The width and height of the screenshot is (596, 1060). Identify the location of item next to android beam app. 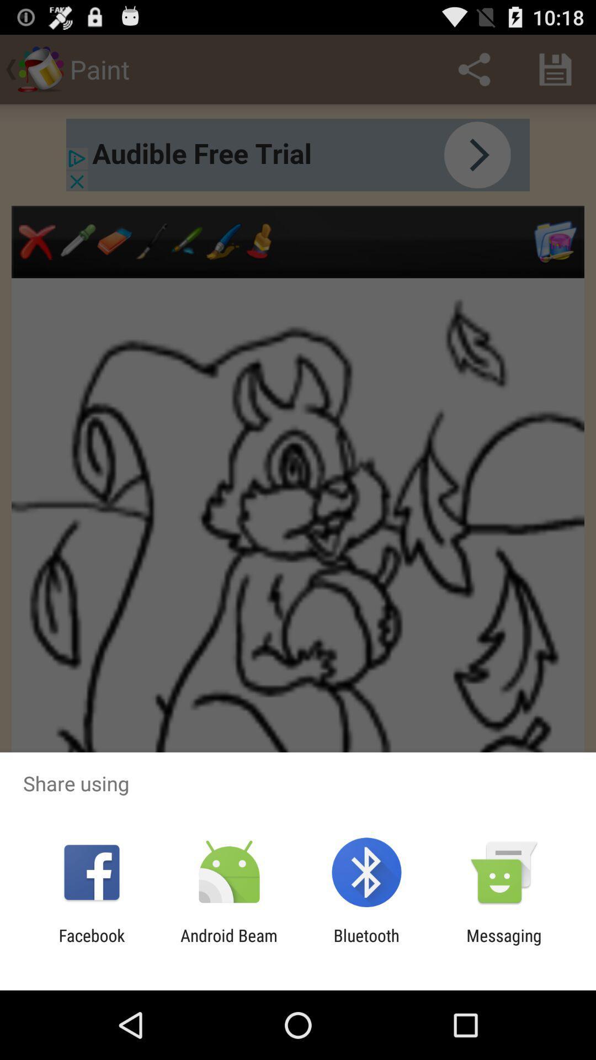
(366, 945).